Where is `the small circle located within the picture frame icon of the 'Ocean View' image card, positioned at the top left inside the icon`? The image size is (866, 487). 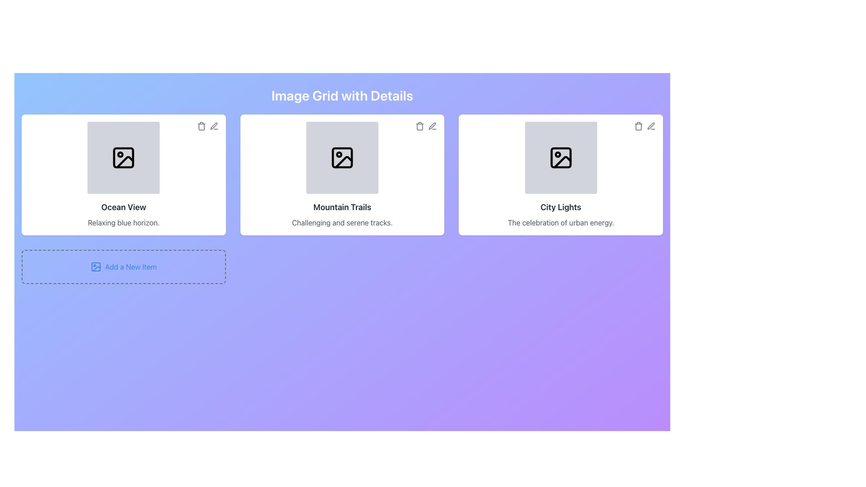
the small circle located within the picture frame icon of the 'Ocean View' image card, positioned at the top left inside the icon is located at coordinates (120, 154).